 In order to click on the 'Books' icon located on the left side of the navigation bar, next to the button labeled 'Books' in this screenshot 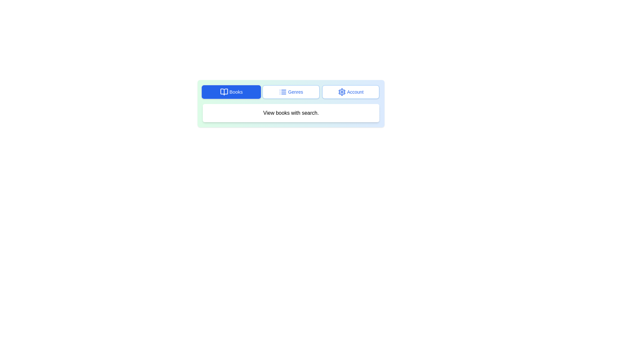, I will do `click(224, 92)`.